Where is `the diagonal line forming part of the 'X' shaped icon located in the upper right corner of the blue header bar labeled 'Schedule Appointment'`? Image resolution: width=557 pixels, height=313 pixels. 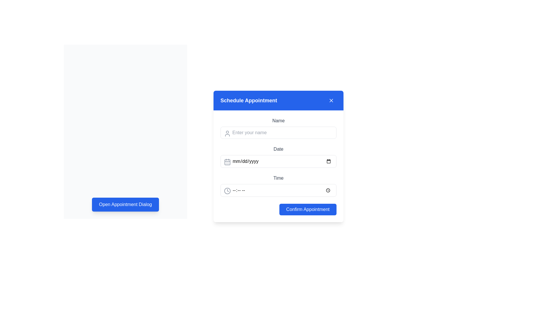
the diagonal line forming part of the 'X' shaped icon located in the upper right corner of the blue header bar labeled 'Schedule Appointment' is located at coordinates (331, 100).